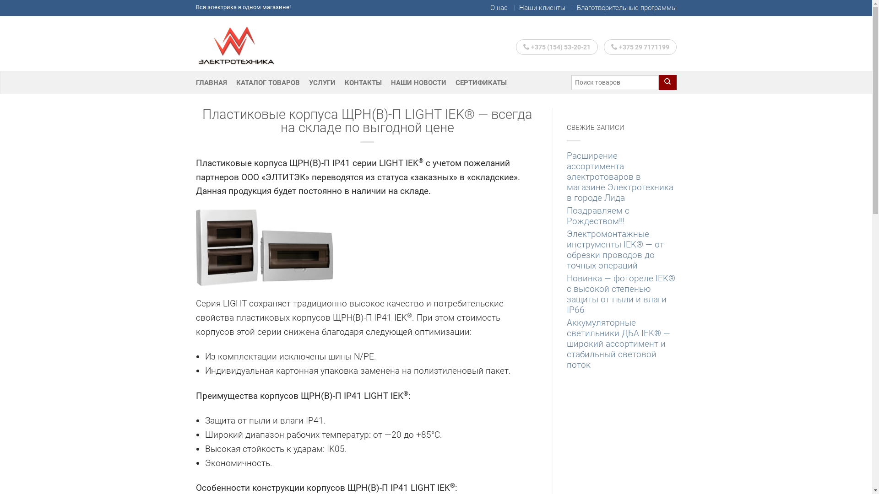  Describe the element at coordinates (242, 43) in the screenshot. I see `'electrotehnika.by - '` at that location.